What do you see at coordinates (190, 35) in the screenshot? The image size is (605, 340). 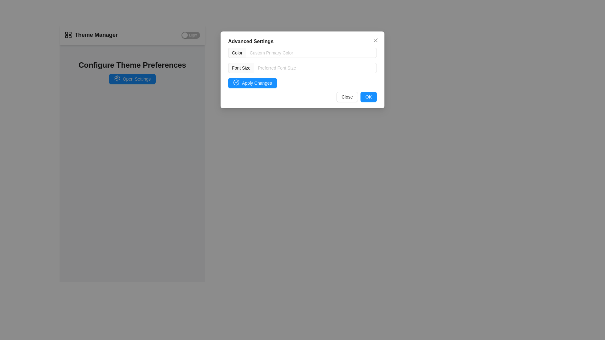 I see `the toggle switch located in the top header area, adjacent to 'Theme Manager'` at bounding box center [190, 35].